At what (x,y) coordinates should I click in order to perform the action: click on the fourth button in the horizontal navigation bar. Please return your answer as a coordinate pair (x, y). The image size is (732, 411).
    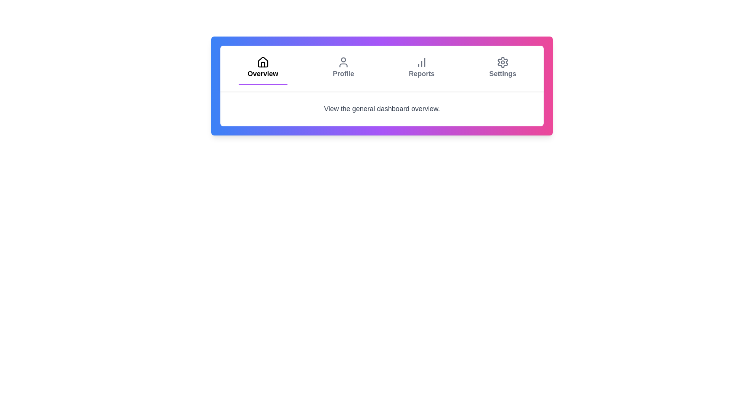
    Looking at the image, I should click on (502, 68).